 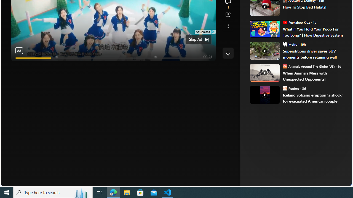 What do you see at coordinates (308, 66) in the screenshot?
I see `'Animals Around The Globe (US) Animals Around The Globe (US)'` at bounding box center [308, 66].